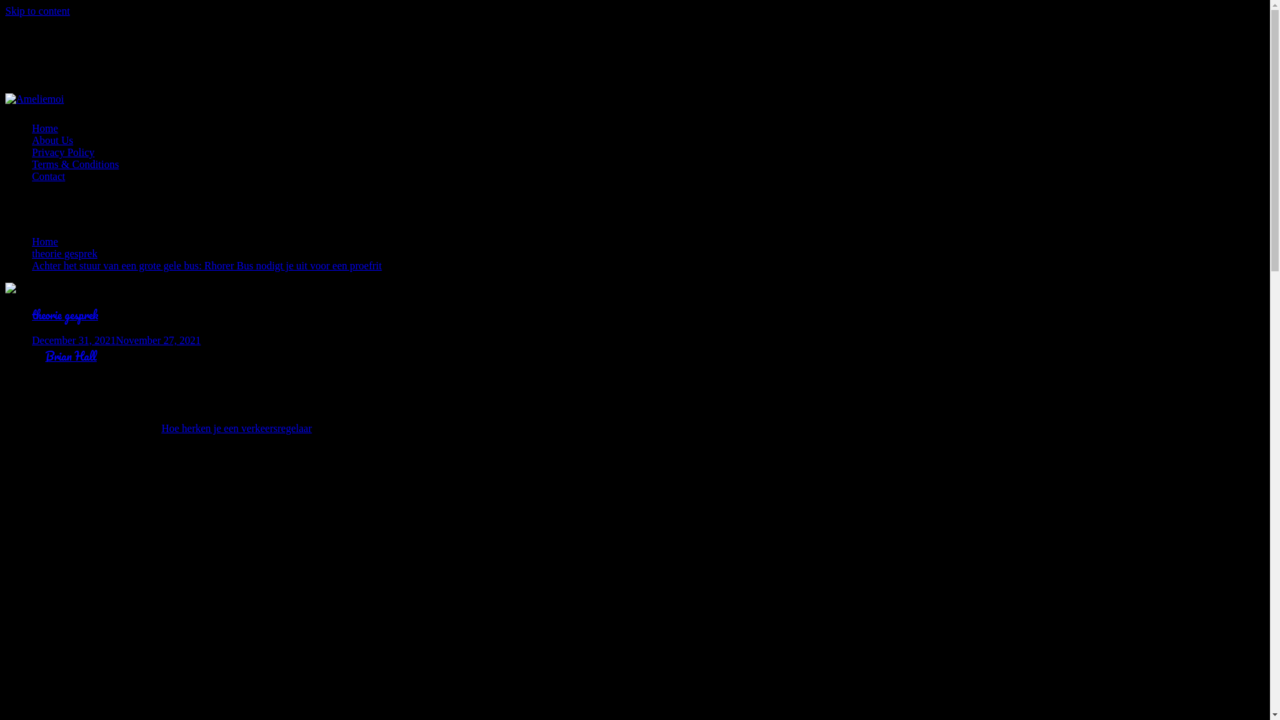 The image size is (1280, 720). What do you see at coordinates (218, 565) in the screenshot?
I see `'Het volledige CBR auto theorie examen augustus 2021'` at bounding box center [218, 565].